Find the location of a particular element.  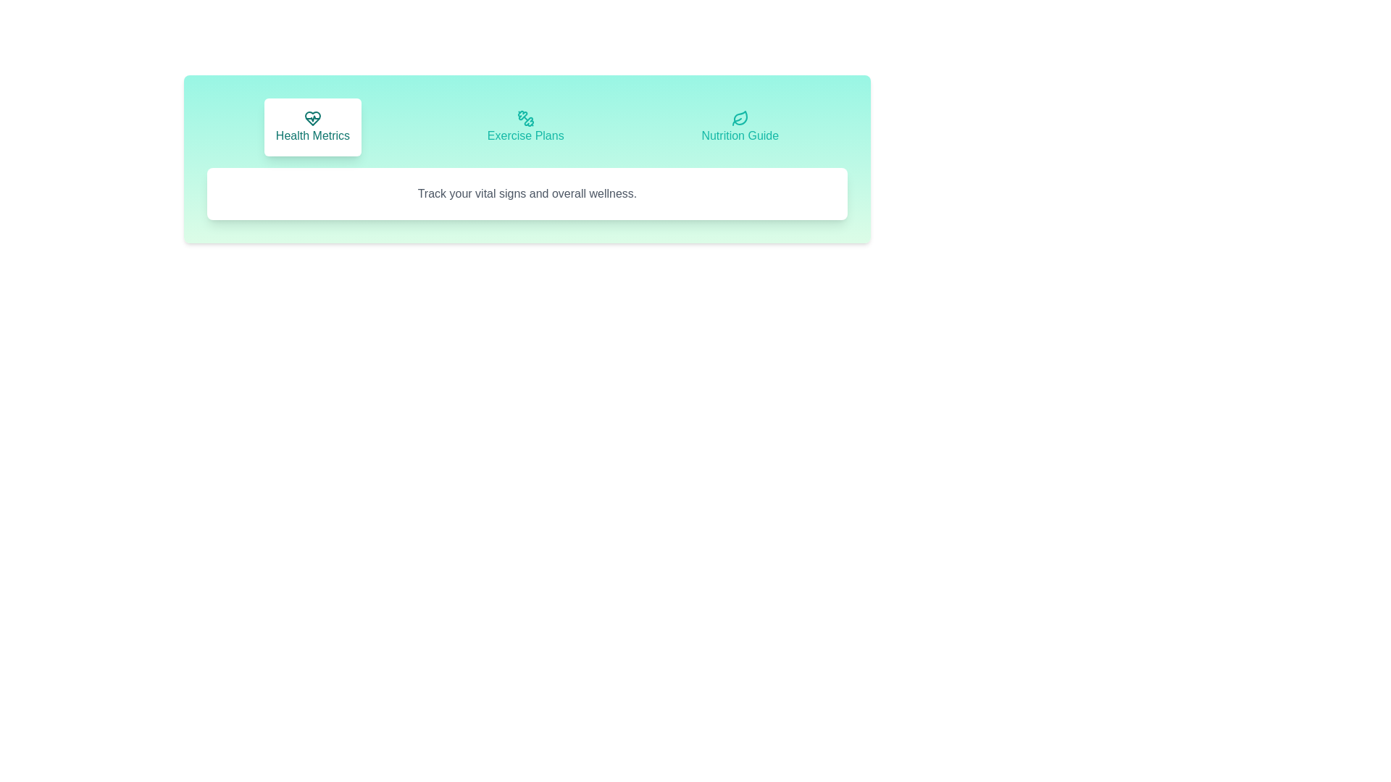

the tab labeled Health Metrics is located at coordinates (312, 127).